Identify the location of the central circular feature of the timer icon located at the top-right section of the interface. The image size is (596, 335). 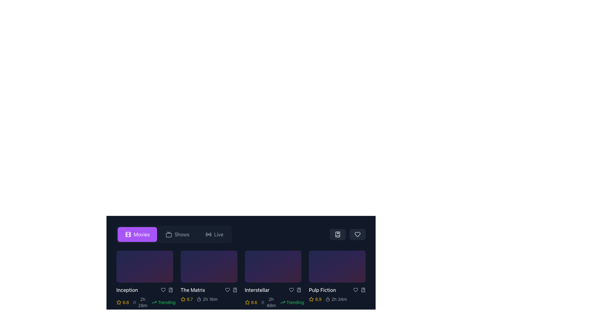
(327, 299).